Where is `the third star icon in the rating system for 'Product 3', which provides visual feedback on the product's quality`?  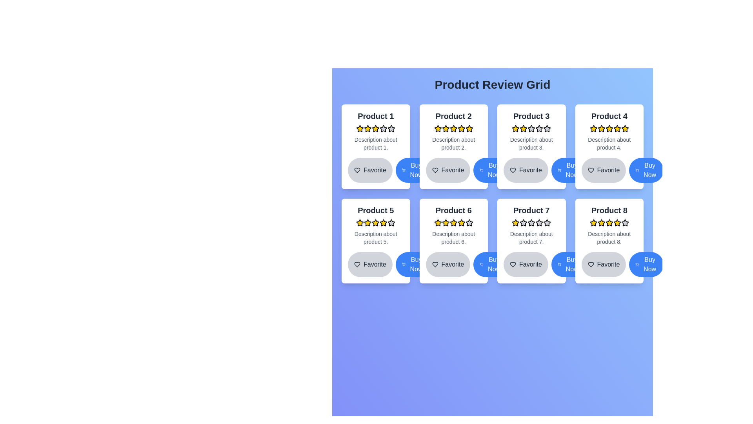 the third star icon in the rating system for 'Product 3', which provides visual feedback on the product's quality is located at coordinates (524, 128).